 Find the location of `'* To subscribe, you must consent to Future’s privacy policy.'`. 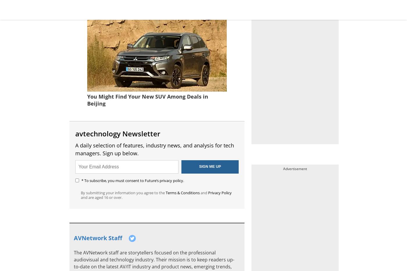

'* To subscribe, you must consent to Future’s privacy policy.' is located at coordinates (81, 180).